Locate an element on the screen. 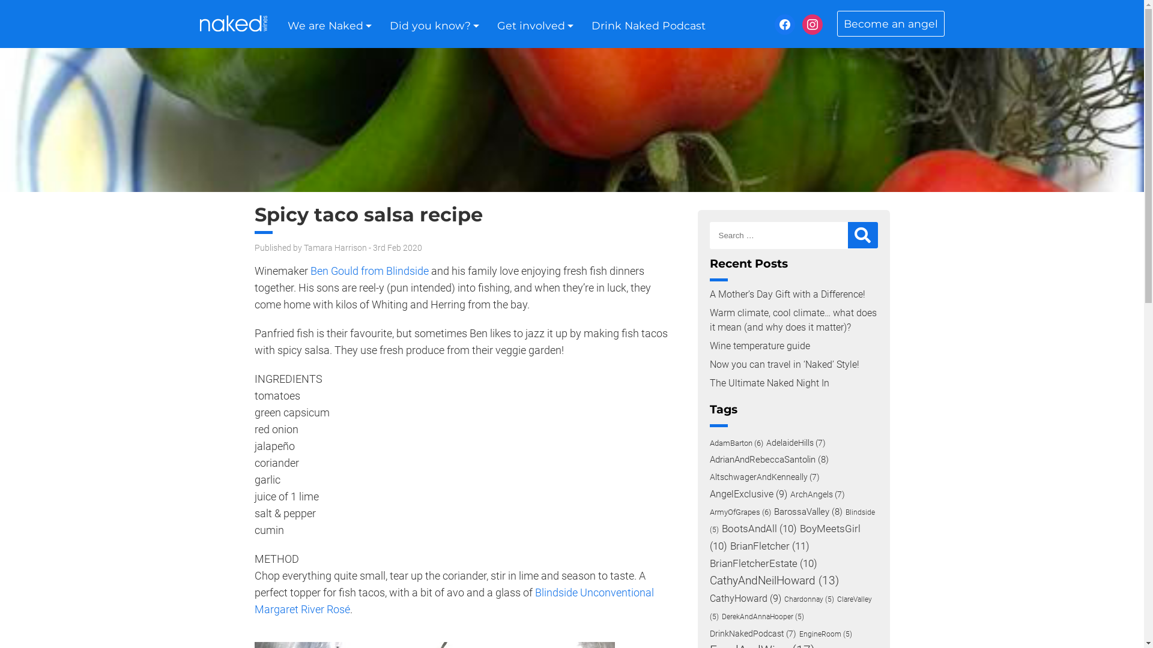  'Wine temperature guide' is located at coordinates (759, 346).